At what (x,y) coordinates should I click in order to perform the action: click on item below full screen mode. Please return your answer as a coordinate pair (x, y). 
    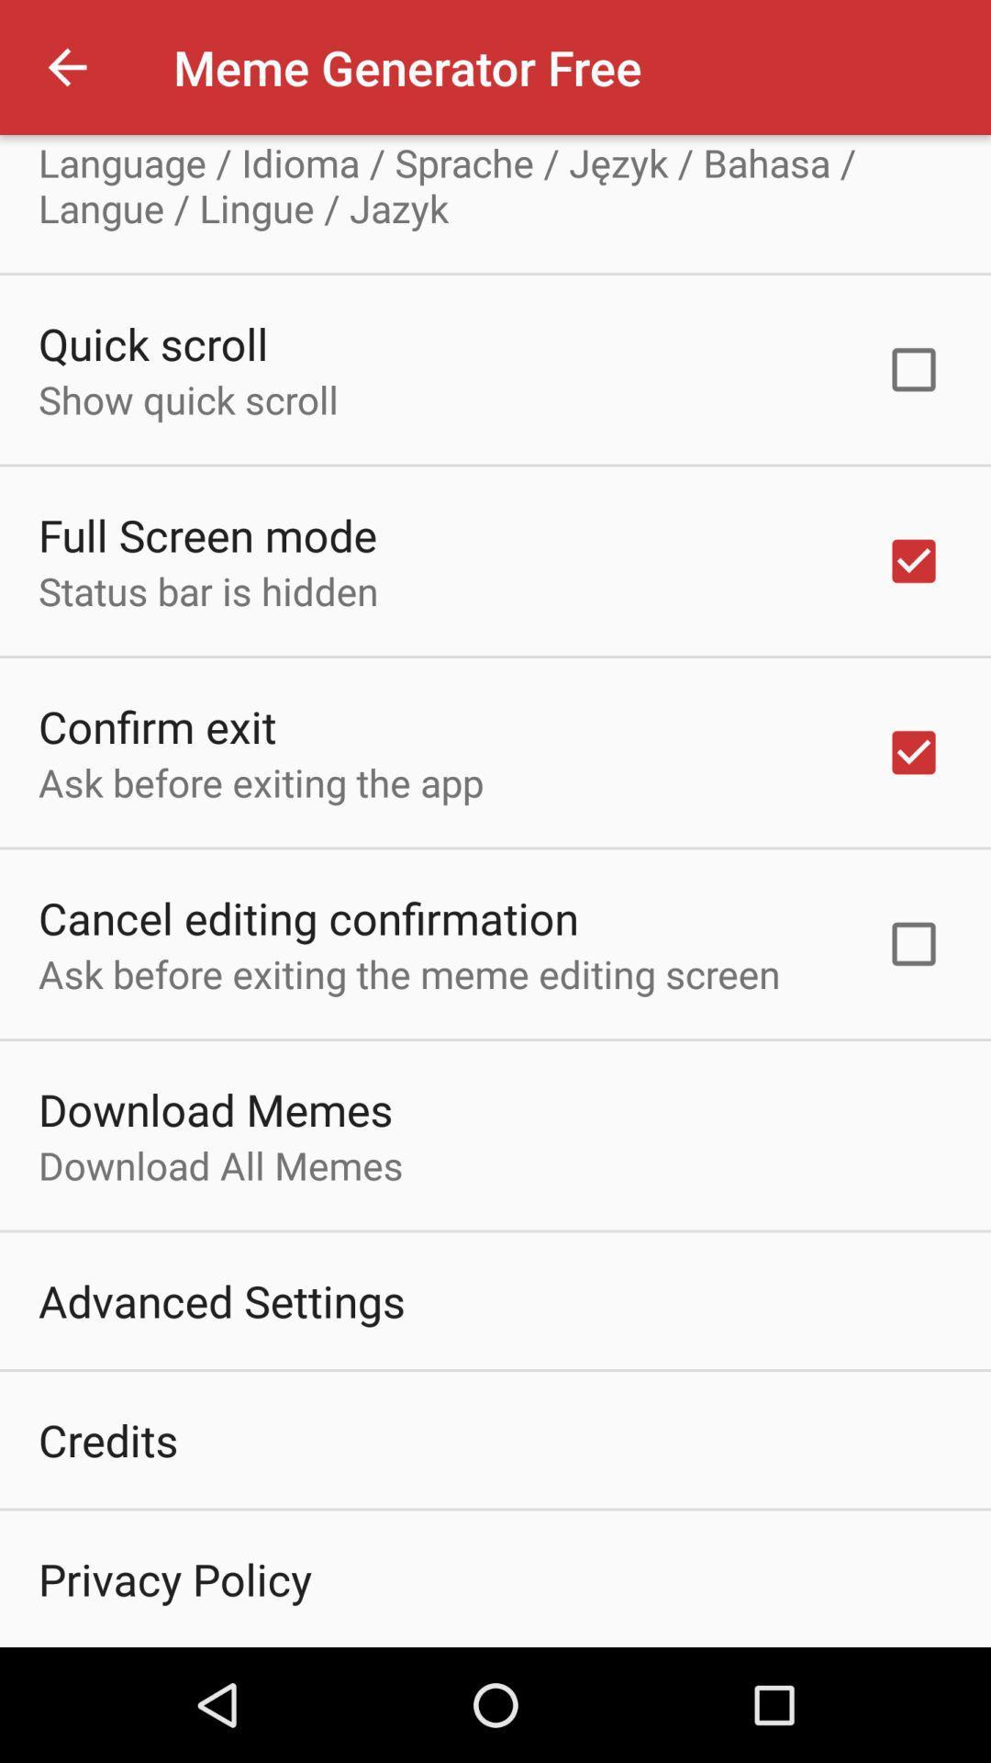
    Looking at the image, I should click on (207, 590).